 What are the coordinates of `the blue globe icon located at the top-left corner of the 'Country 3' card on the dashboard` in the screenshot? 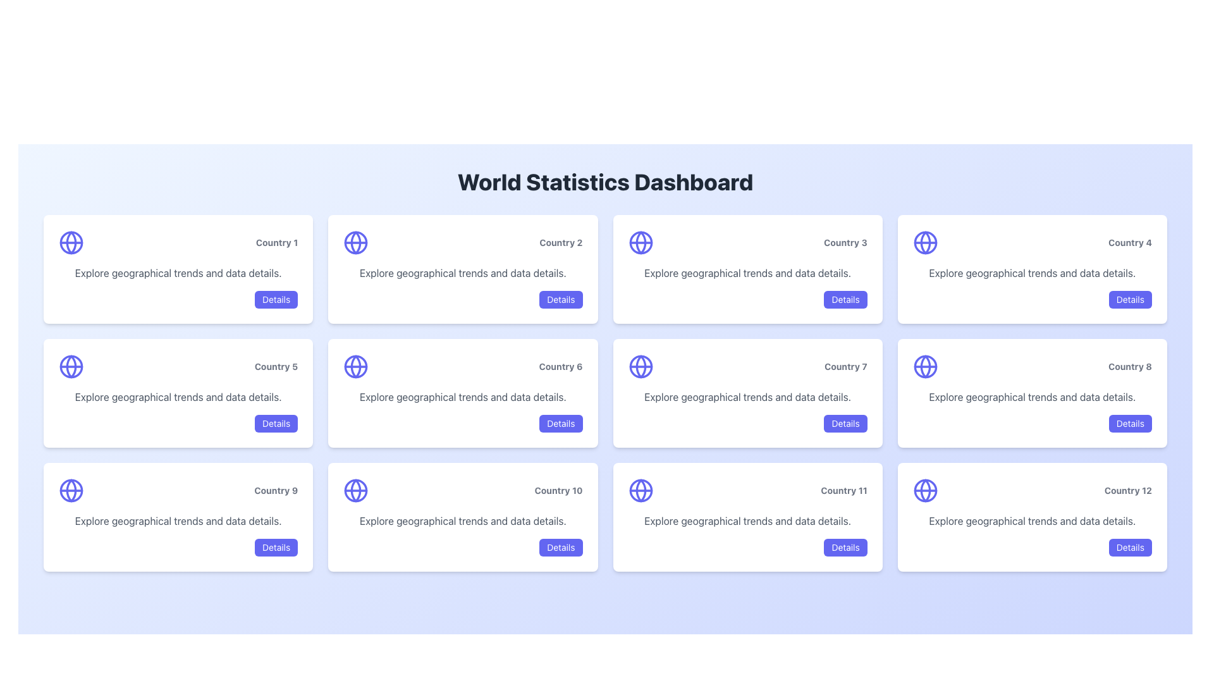 It's located at (641, 243).